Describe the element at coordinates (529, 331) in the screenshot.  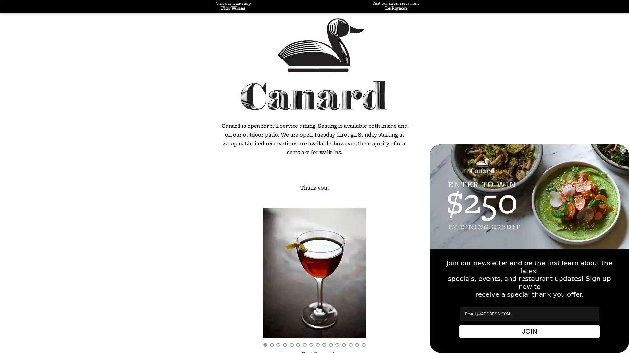
I see `JOIN` at that location.